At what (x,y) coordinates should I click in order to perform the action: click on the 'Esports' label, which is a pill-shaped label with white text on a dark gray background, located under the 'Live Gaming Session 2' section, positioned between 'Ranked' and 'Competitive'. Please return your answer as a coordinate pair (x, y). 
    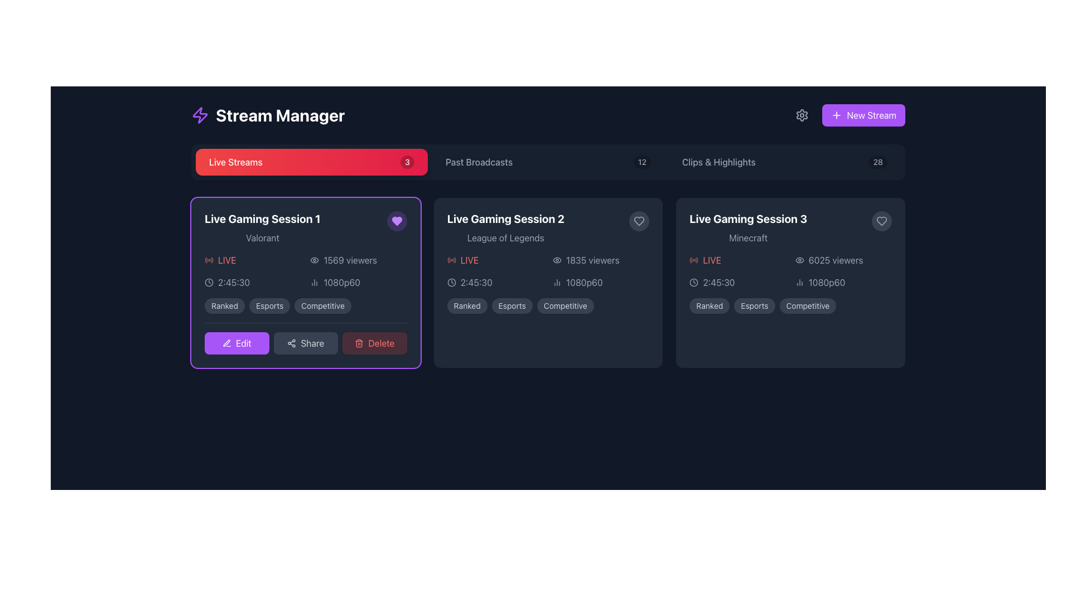
    Looking at the image, I should click on (512, 305).